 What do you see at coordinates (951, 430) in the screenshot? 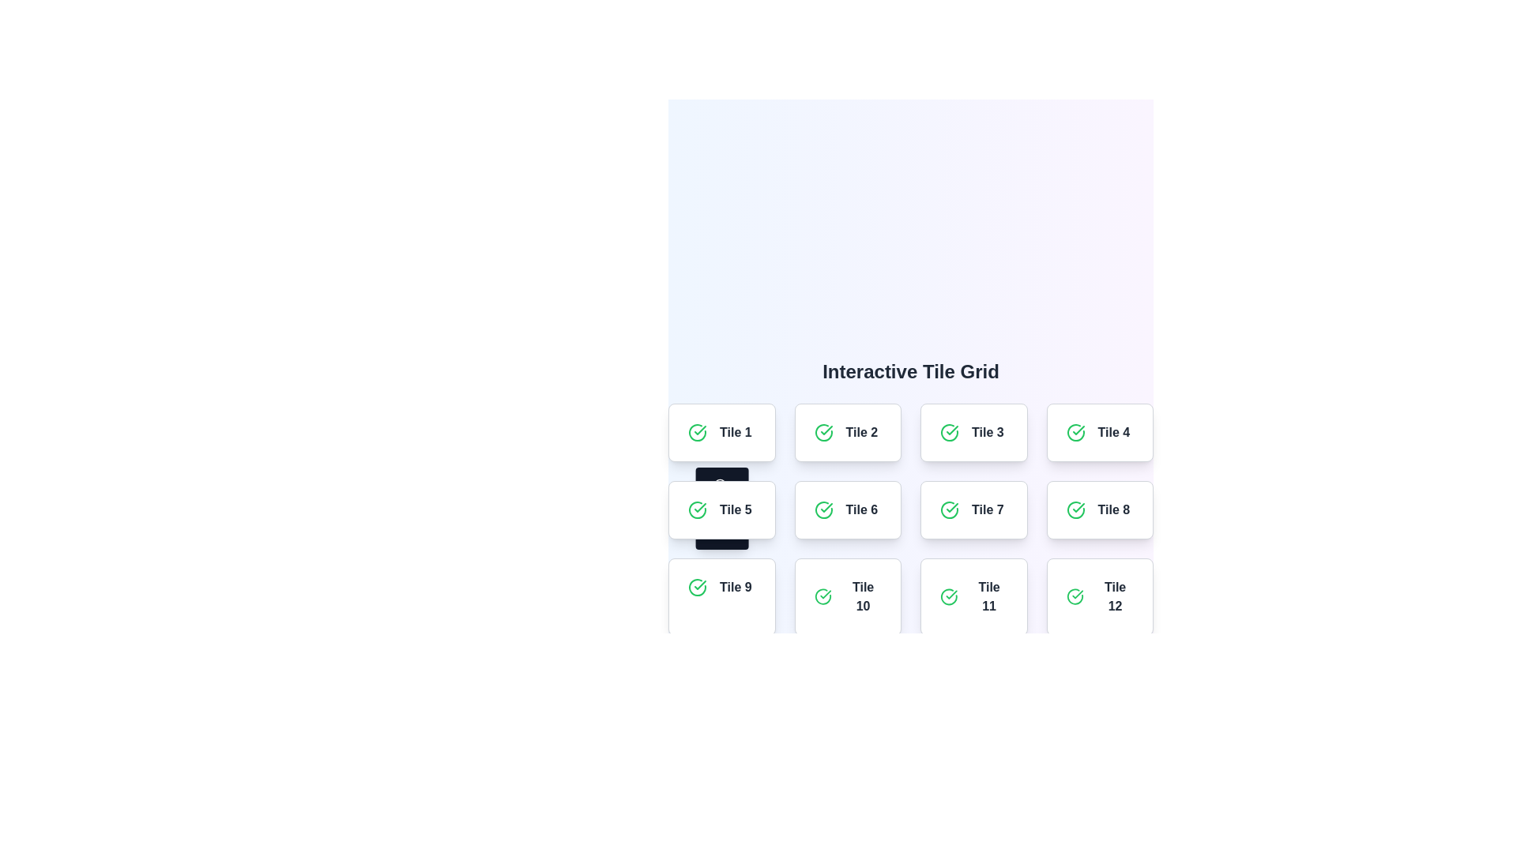
I see `green checkmark icon that indicates a positive status, located within the SVG element with class 'lucide lucide-circle-check-big', positioned near the label 'Tile 5'` at bounding box center [951, 430].